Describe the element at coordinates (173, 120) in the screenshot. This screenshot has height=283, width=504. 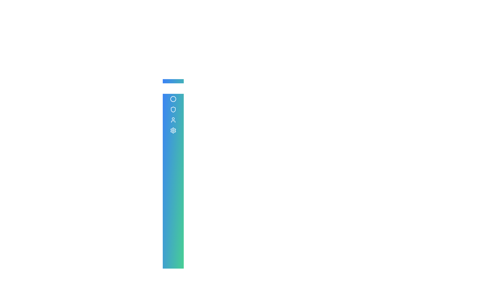
I see `the user profile icon, which is the third icon in the vertical toolbar on the left side of the interface` at that location.